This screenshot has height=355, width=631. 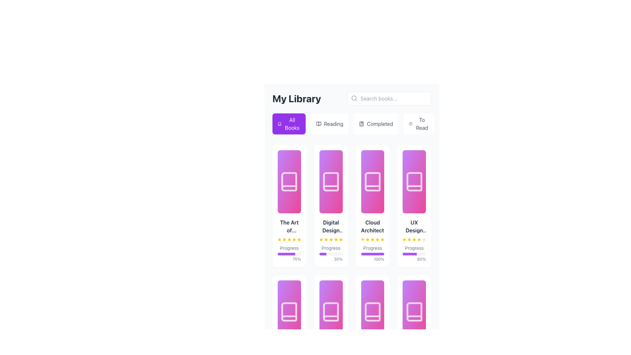 I want to click on progress bar, so click(x=293, y=253).